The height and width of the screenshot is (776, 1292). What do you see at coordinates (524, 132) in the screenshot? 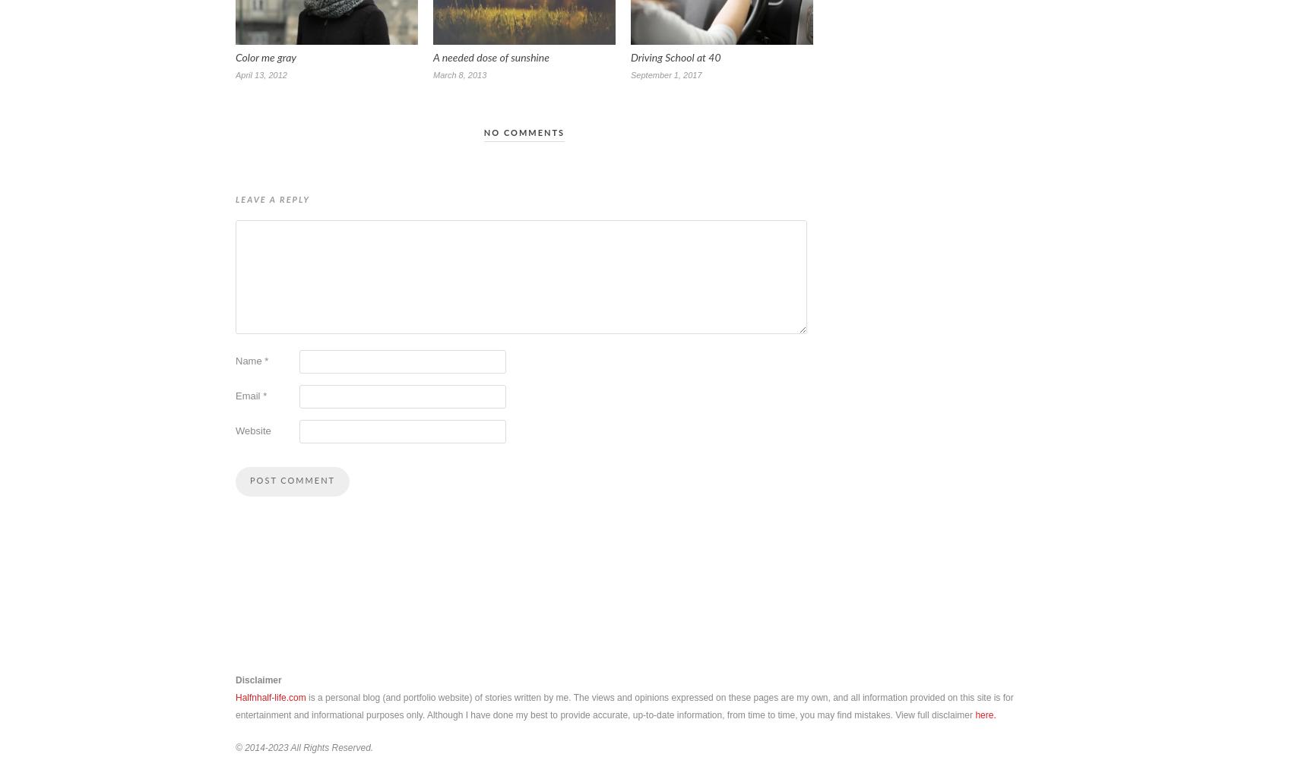
I see `'No Comments'` at bounding box center [524, 132].